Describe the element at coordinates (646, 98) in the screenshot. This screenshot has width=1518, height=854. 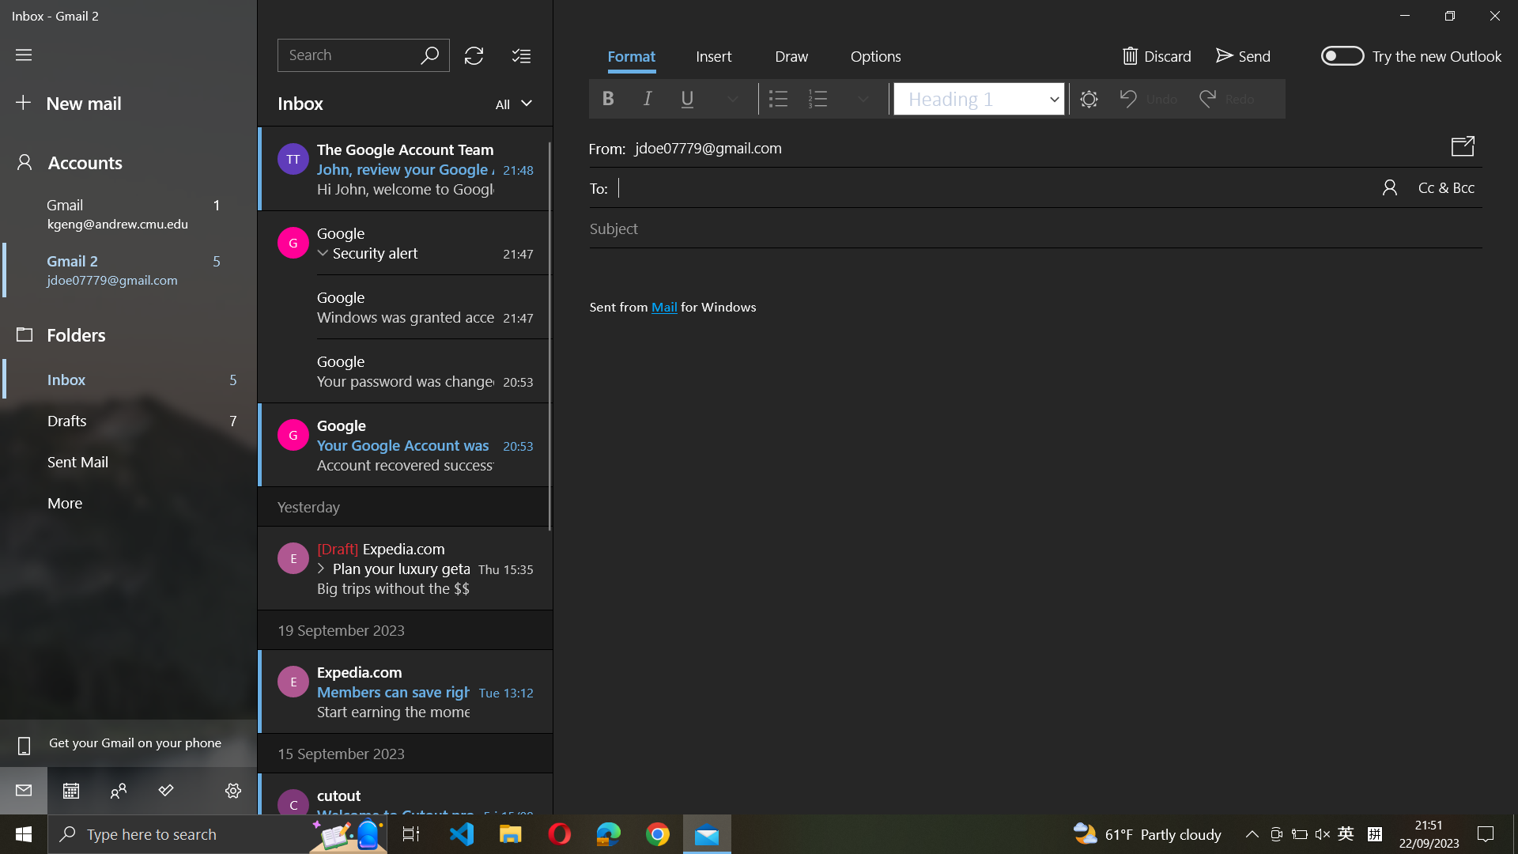
I see `Change text format to italic` at that location.